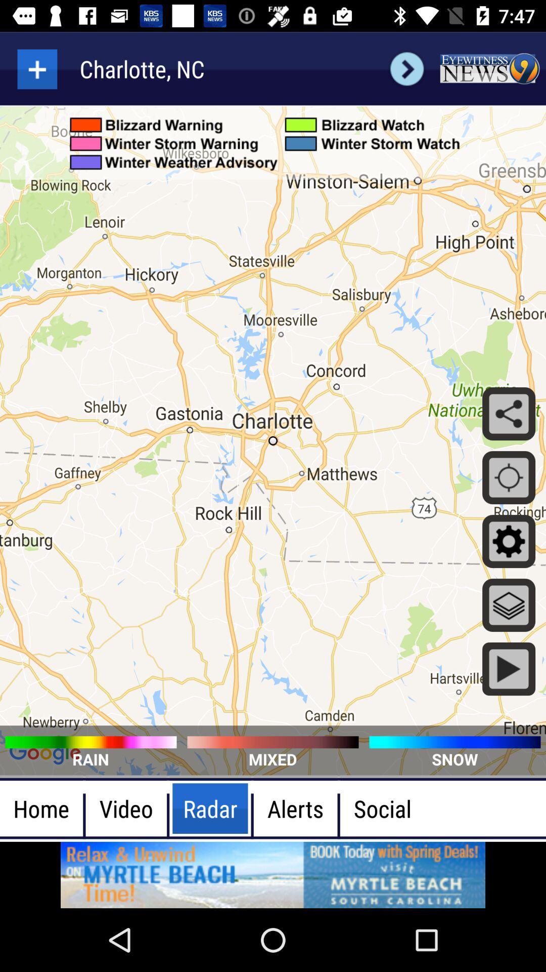  Describe the element at coordinates (406, 68) in the screenshot. I see `prximo` at that location.